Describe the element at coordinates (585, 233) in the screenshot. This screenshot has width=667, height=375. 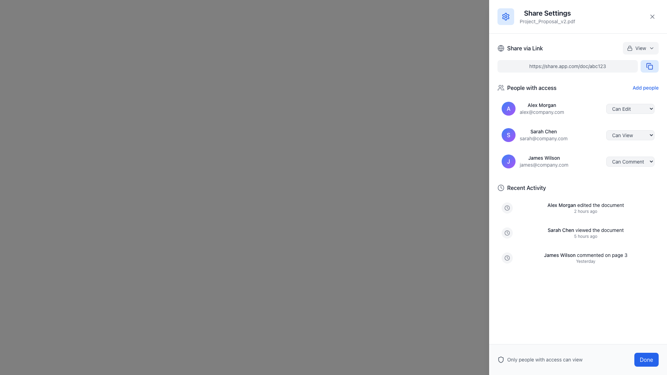
I see `the second activity log entry indicating when 'Sarah Chen' viewed a document in the 'Recent Activity' section` at that location.